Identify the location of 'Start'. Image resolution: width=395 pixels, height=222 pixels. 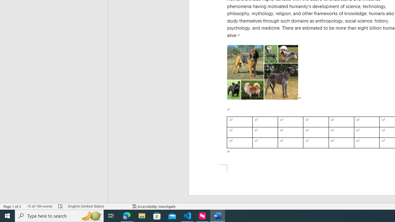
(7, 215).